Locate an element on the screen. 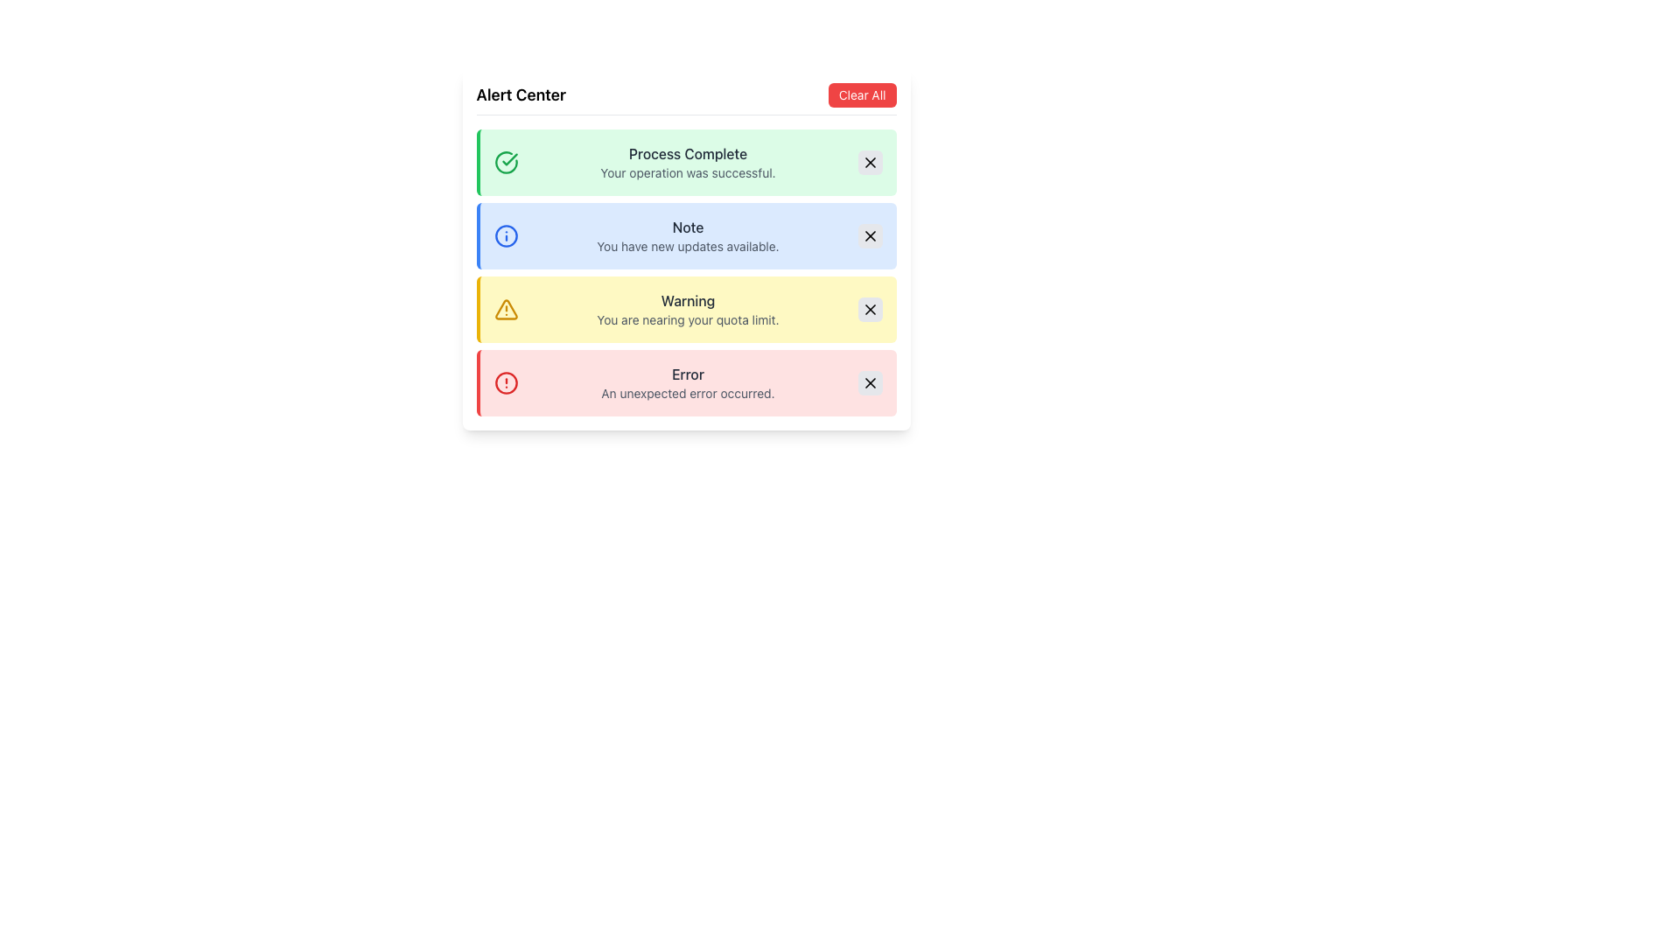 The image size is (1680, 945). the close button represented by a bold 'X' icon in the top-right corner of the notification block with a green background is located at coordinates (870, 162).